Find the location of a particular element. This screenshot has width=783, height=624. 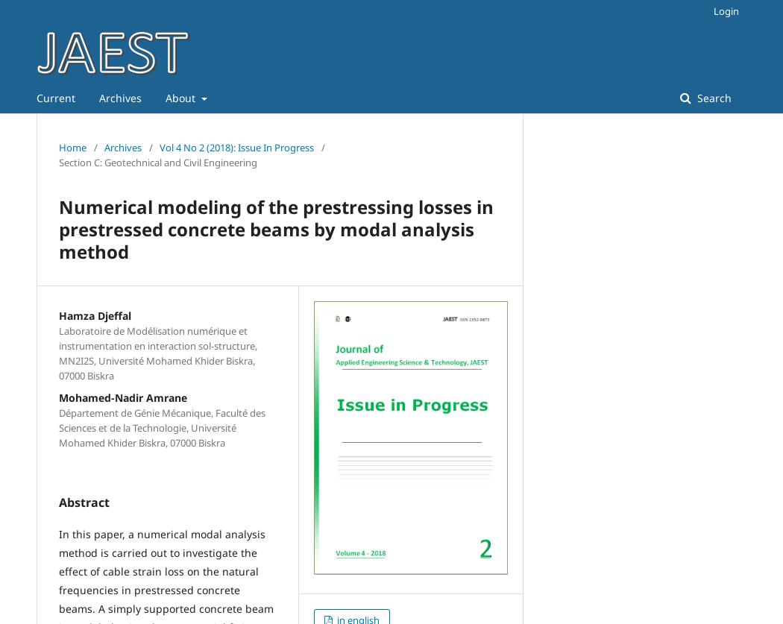

'Vol 4 No 2 (2018): Issue In Progress' is located at coordinates (236, 147).